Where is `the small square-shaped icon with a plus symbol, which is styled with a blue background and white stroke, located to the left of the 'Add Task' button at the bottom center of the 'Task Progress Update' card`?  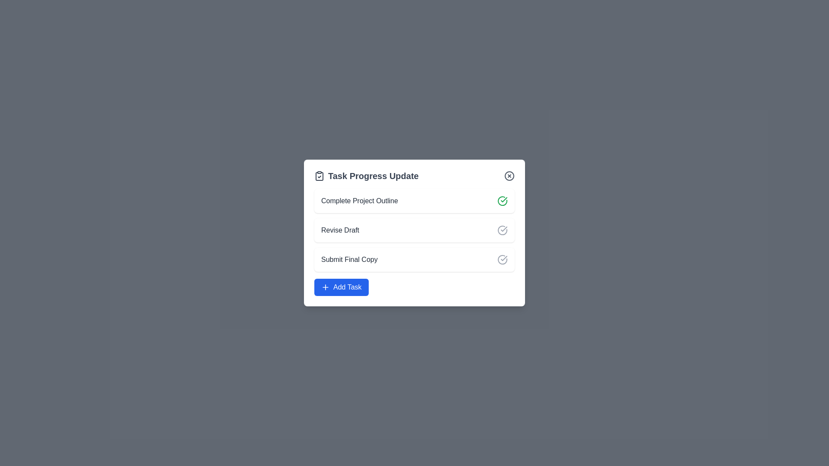 the small square-shaped icon with a plus symbol, which is styled with a blue background and white stroke, located to the left of the 'Add Task' button at the bottom center of the 'Task Progress Update' card is located at coordinates (325, 287).